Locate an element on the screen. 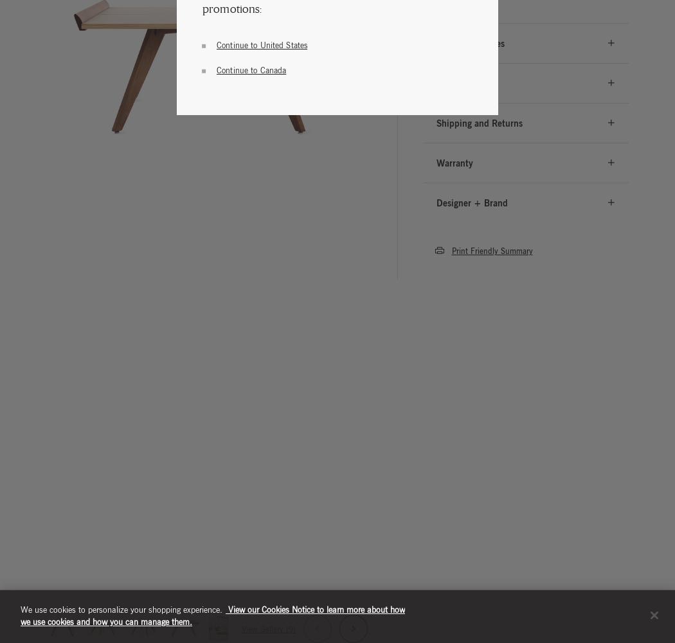 This screenshot has width=675, height=643. 'Warranty' is located at coordinates (454, 163).